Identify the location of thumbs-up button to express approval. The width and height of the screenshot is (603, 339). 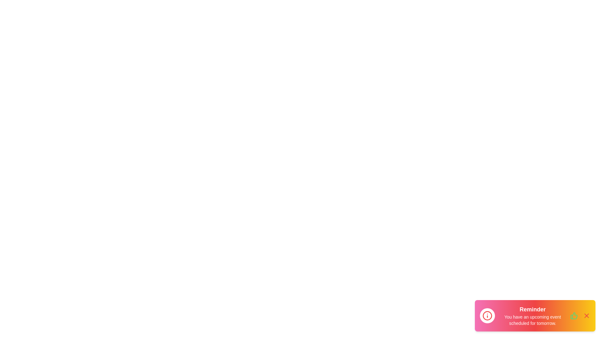
(574, 316).